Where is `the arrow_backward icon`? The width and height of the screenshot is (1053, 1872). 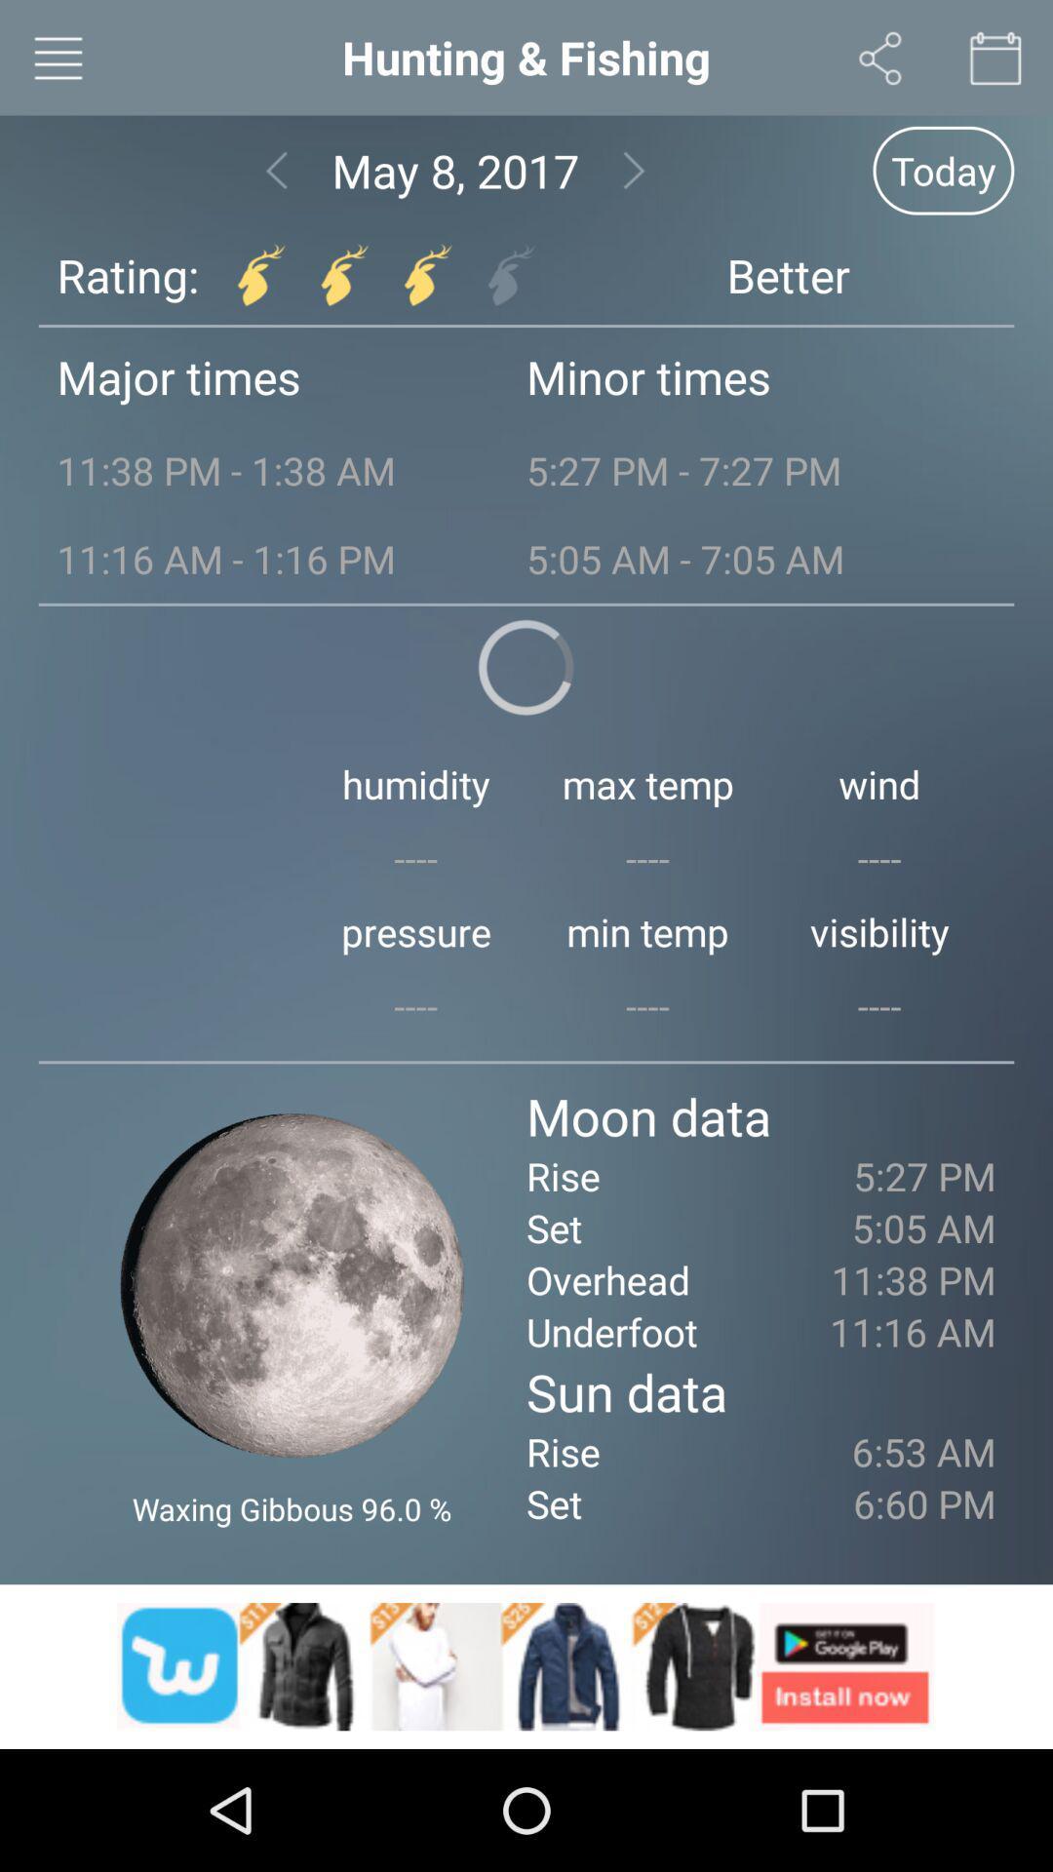 the arrow_backward icon is located at coordinates (276, 182).